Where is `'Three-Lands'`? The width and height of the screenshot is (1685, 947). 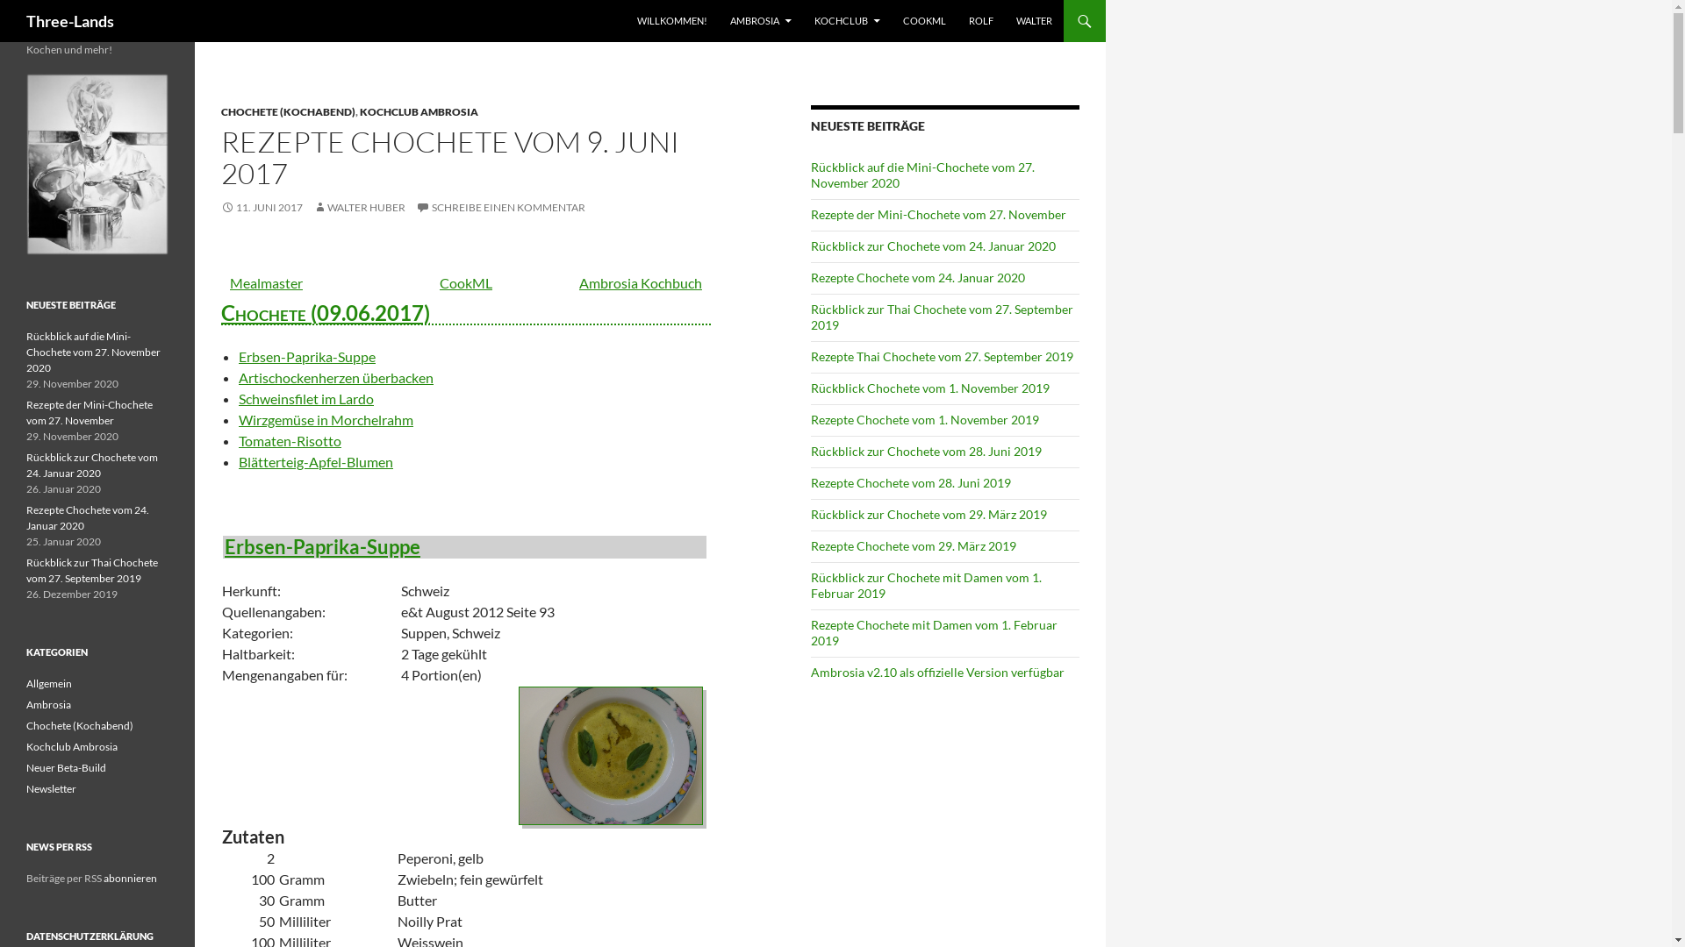
'Three-Lands' is located at coordinates (70, 20).